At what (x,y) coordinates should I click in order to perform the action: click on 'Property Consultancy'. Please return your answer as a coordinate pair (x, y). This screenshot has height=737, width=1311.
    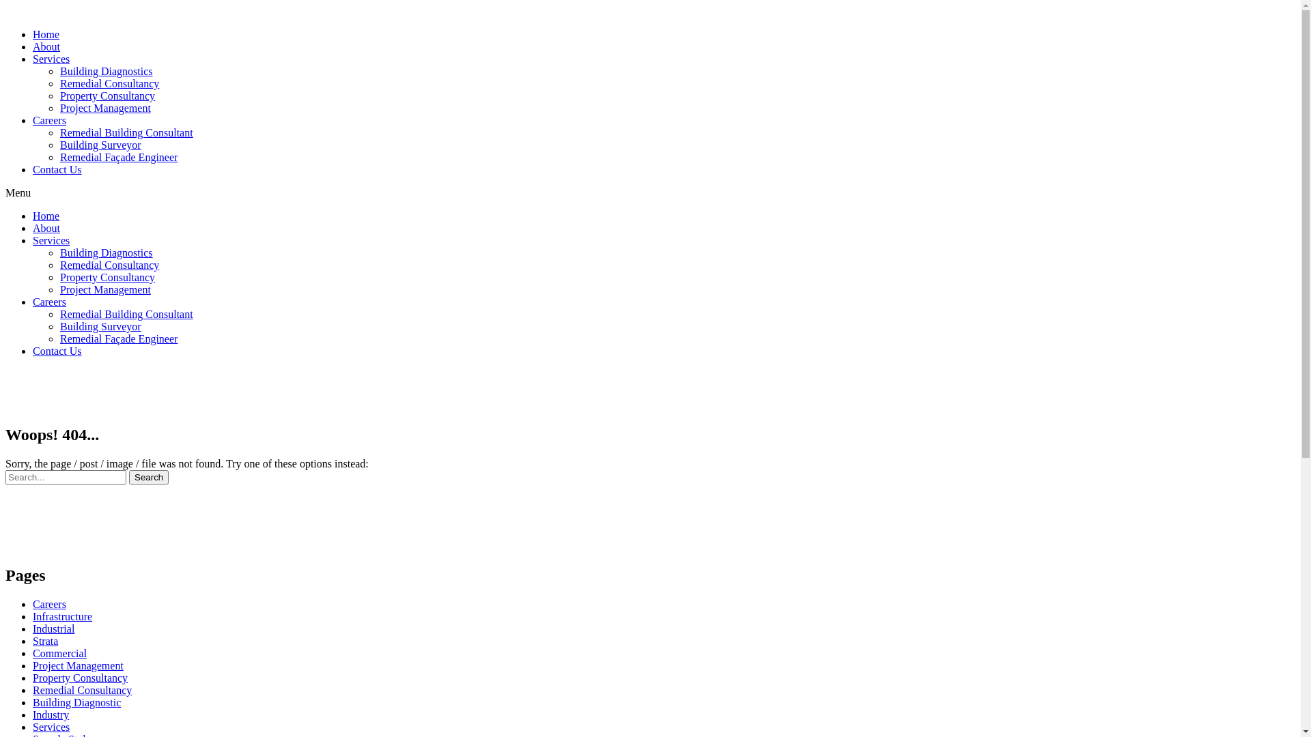
    Looking at the image, I should click on (79, 678).